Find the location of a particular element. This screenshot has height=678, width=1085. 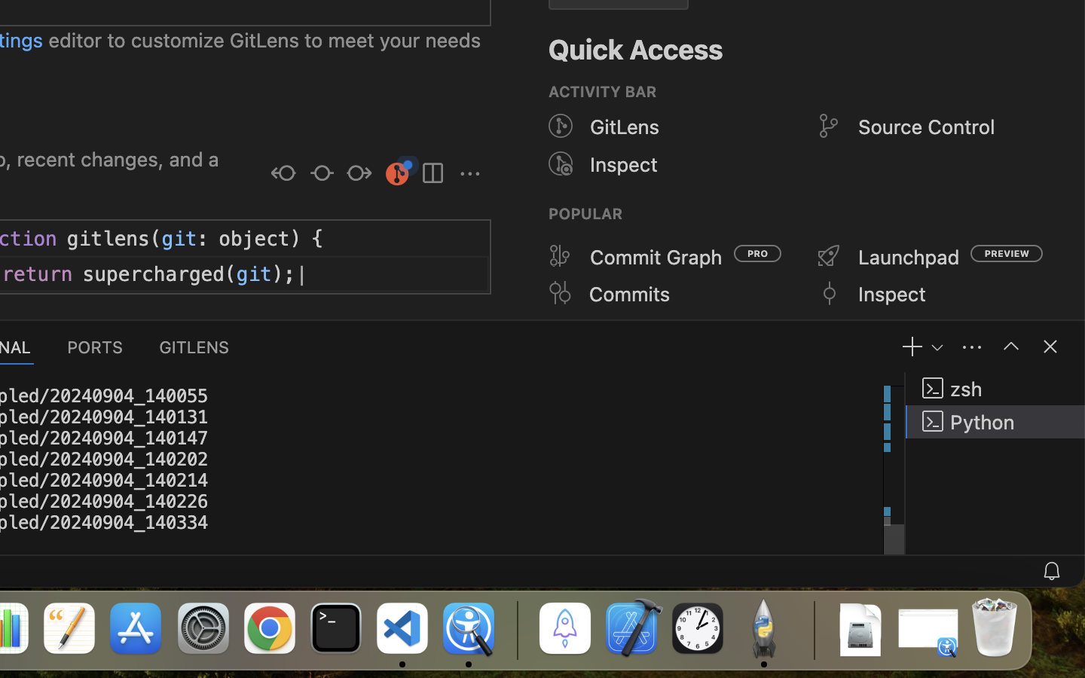

'' is located at coordinates (432, 174).